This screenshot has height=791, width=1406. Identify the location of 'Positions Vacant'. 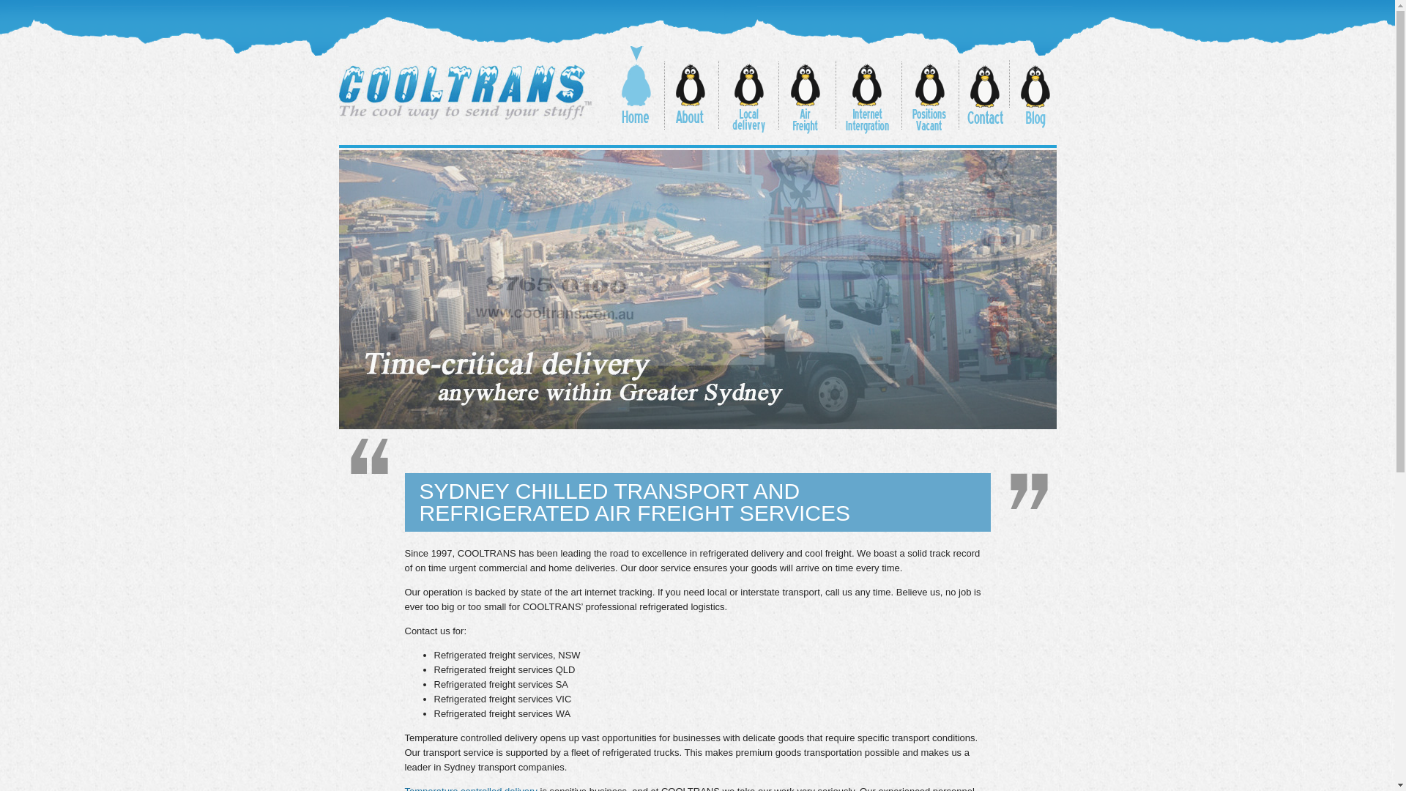
(900, 90).